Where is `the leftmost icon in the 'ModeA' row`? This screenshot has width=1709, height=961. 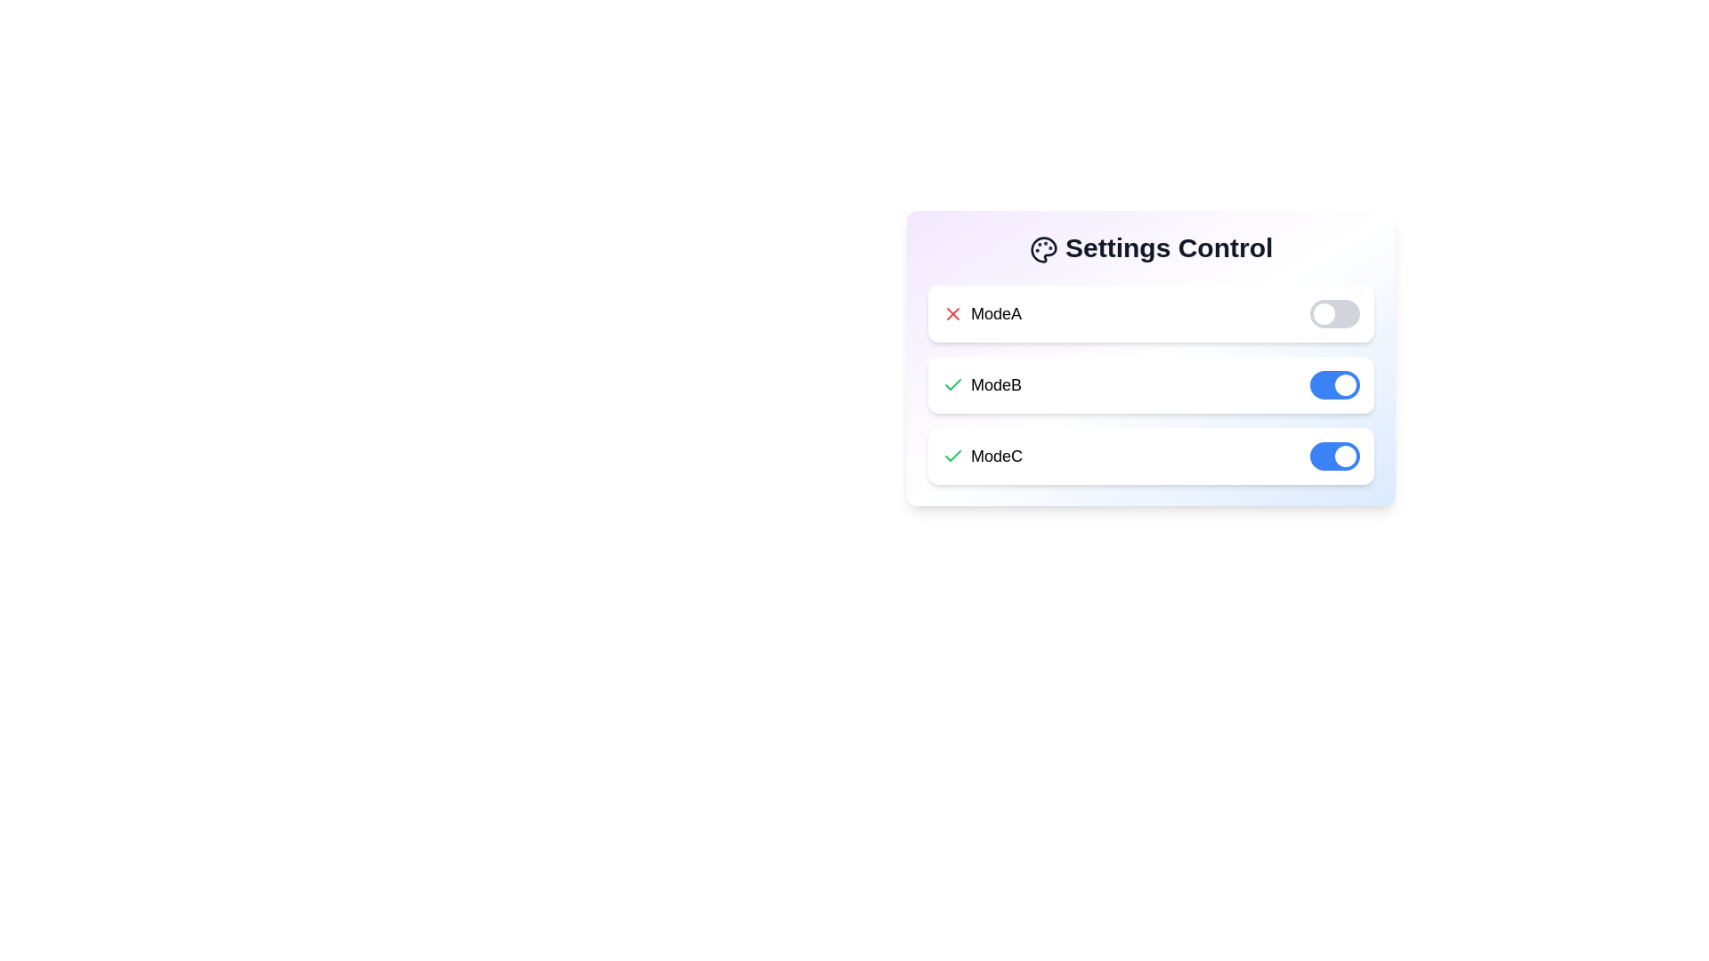
the leftmost icon in the 'ModeA' row is located at coordinates (952, 313).